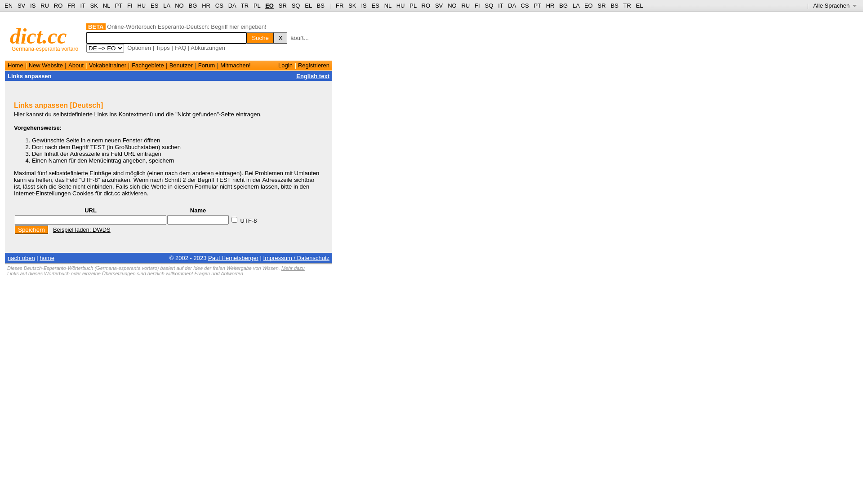 This screenshot has height=485, width=863. I want to click on 'FR', so click(335, 5).